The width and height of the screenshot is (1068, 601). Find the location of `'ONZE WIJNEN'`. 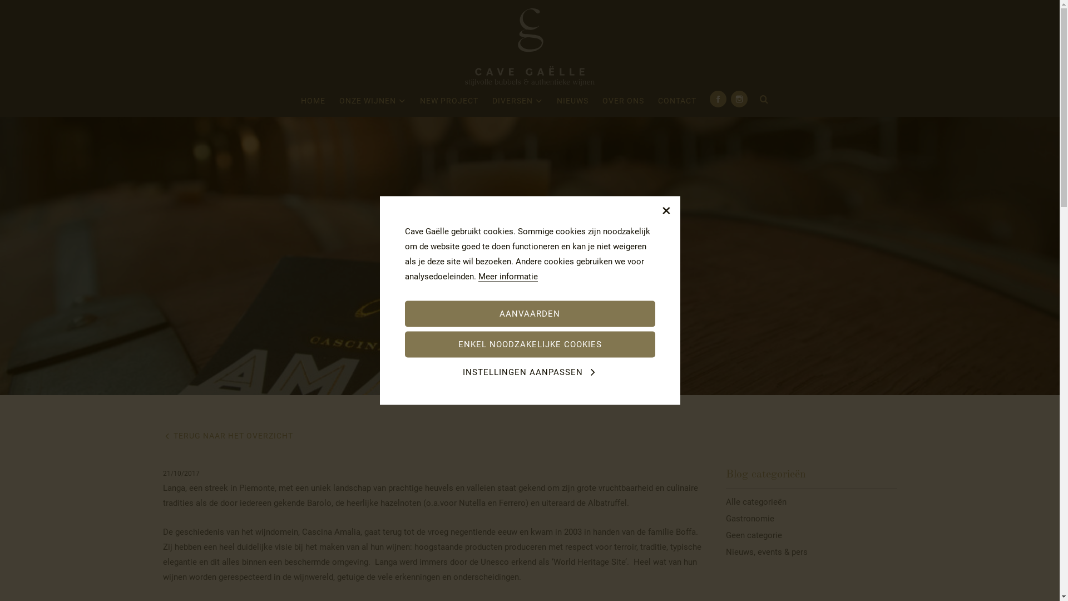

'ONZE WIJNEN' is located at coordinates (338, 103).